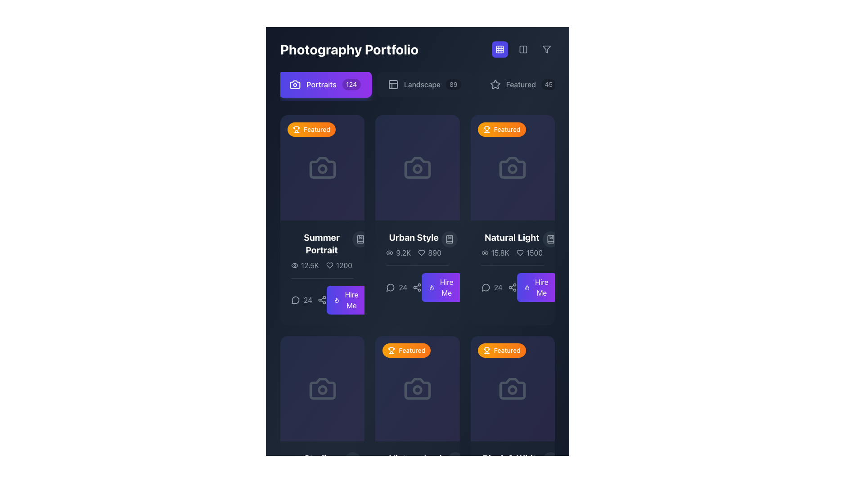 Image resolution: width=864 pixels, height=486 pixels. Describe the element at coordinates (322, 244) in the screenshot. I see `the static text label that displays 'Summer Portrait', which is bold, white, and centrally positioned in the first portfolio card of the grid` at that location.